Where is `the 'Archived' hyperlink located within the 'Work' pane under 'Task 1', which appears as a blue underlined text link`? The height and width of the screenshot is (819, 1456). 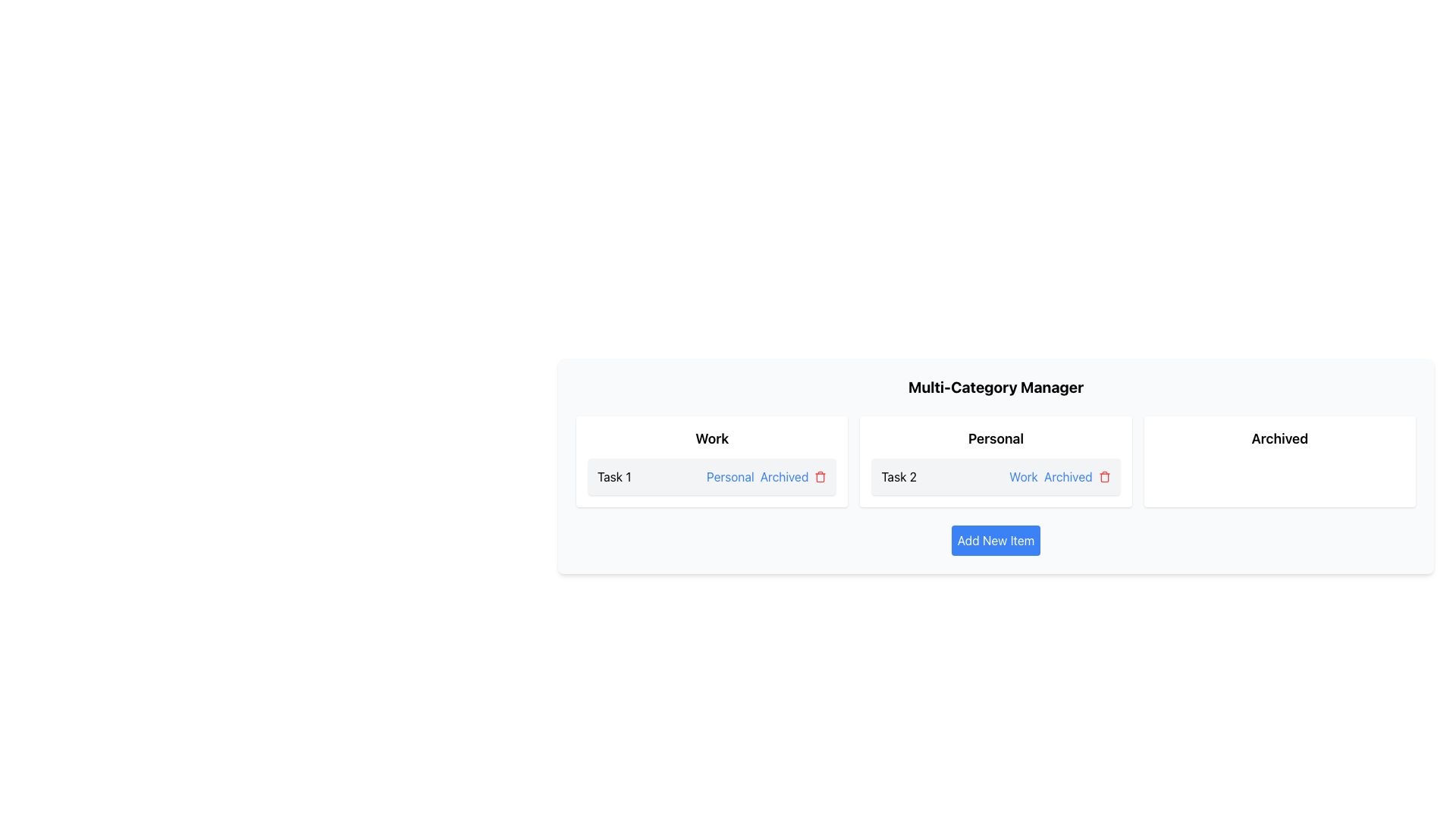 the 'Archived' hyperlink located within the 'Work' pane under 'Task 1', which appears as a blue underlined text link is located at coordinates (767, 475).